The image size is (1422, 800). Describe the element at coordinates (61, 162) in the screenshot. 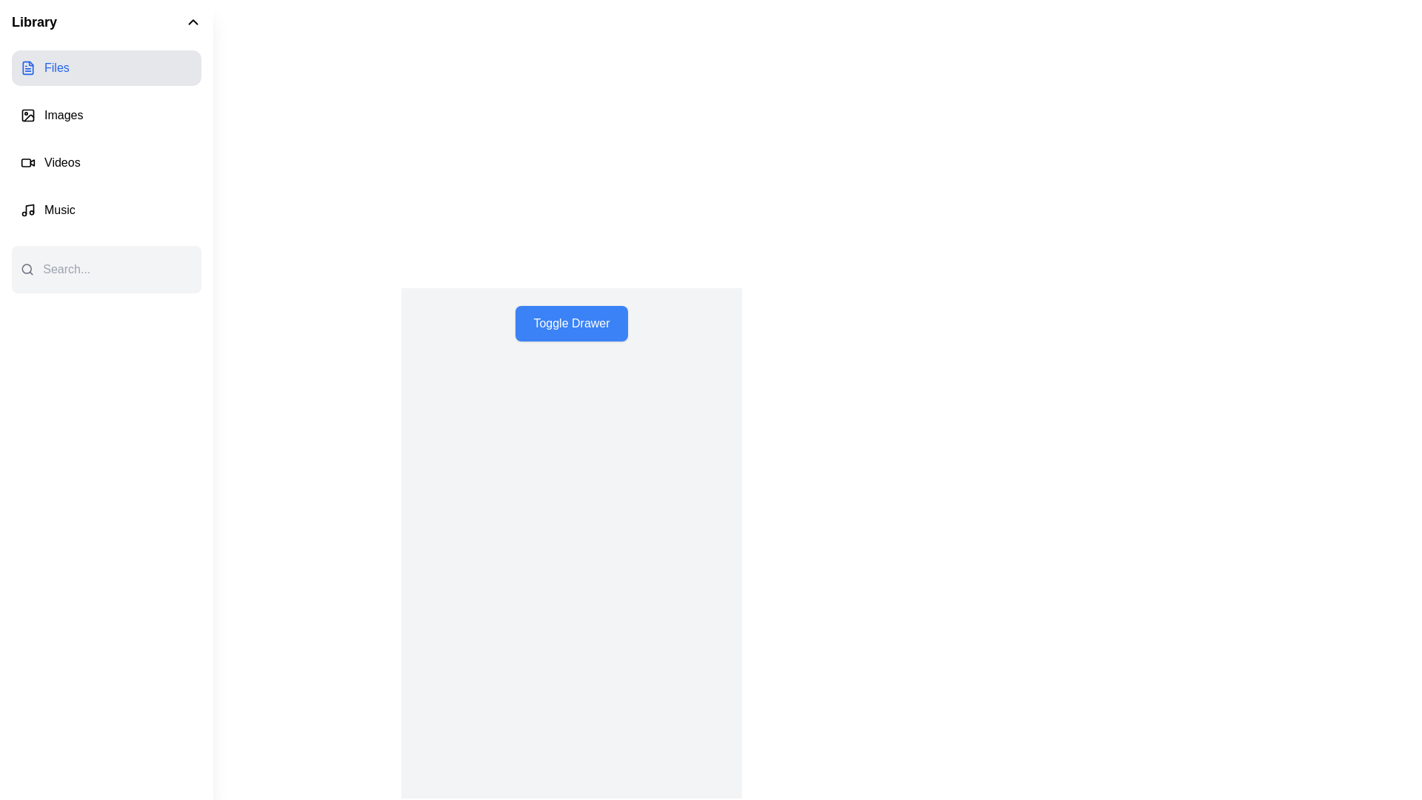

I see `the 'Videos' text label in the navigation menu` at that location.